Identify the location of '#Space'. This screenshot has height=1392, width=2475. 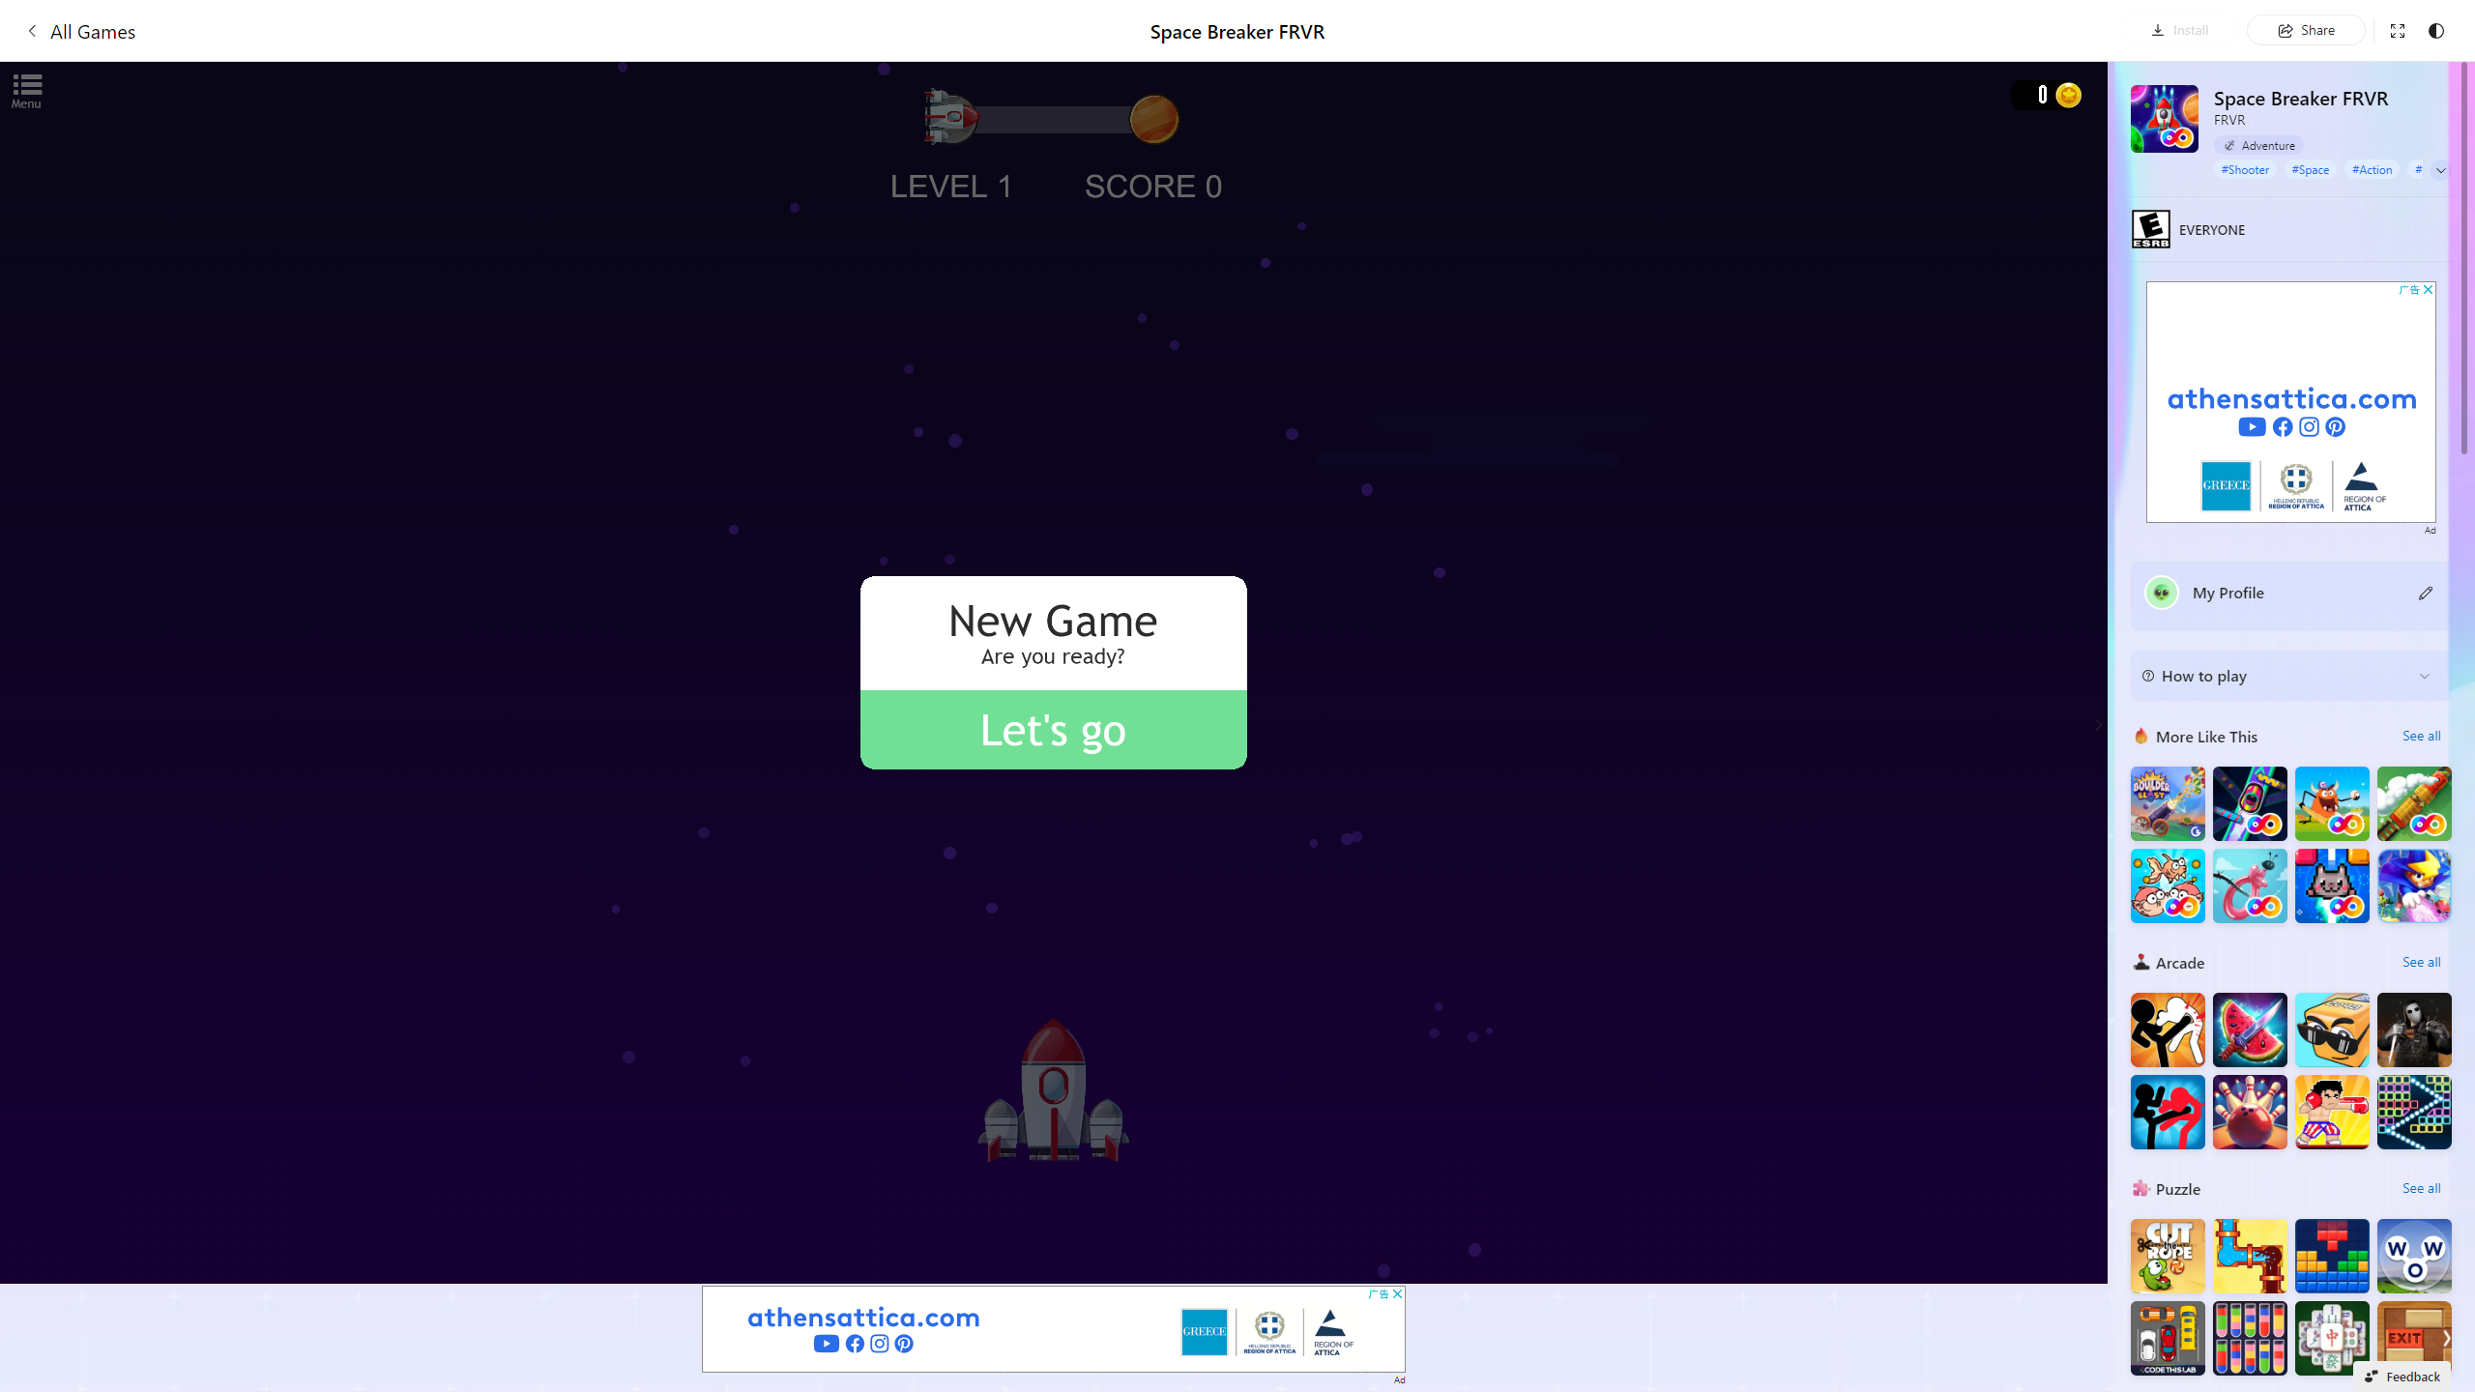
(2311, 167).